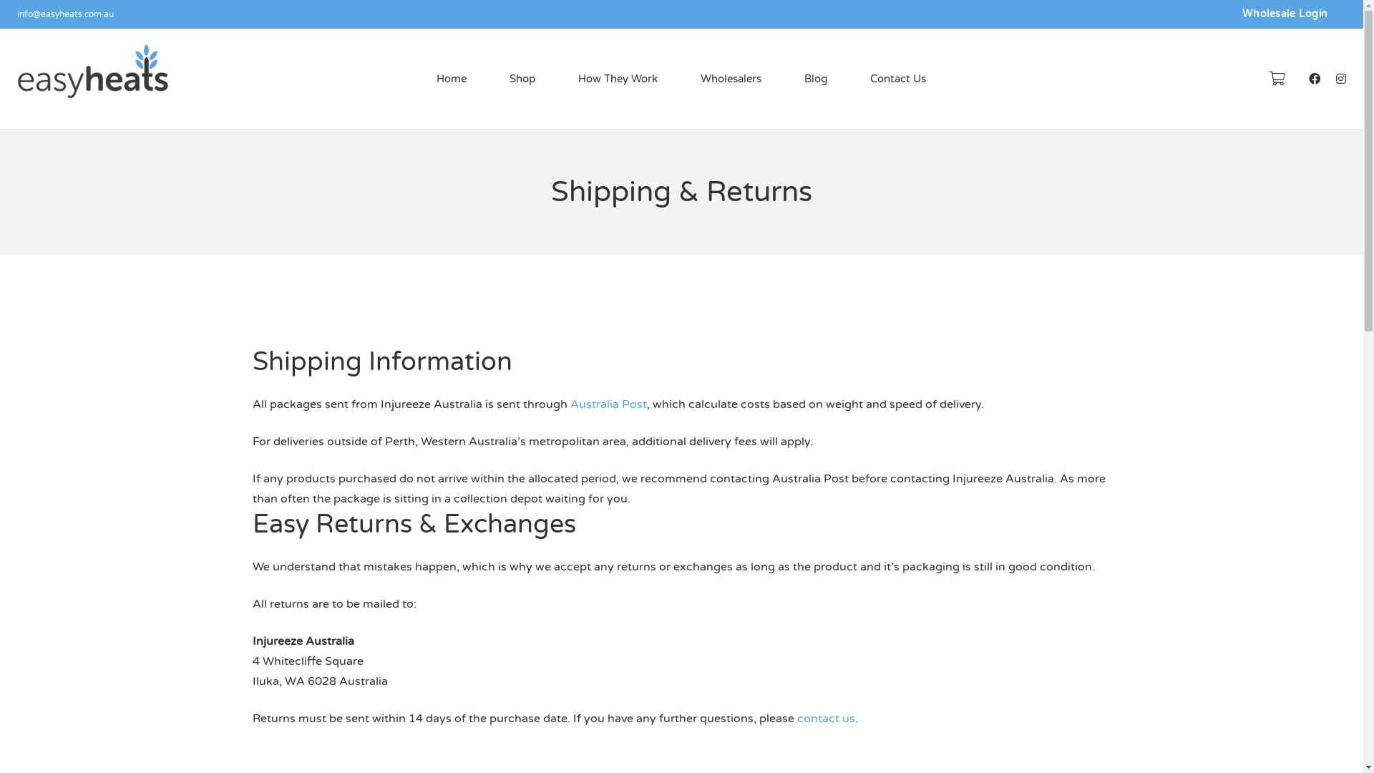 This screenshot has width=1374, height=773. What do you see at coordinates (1223, 14) in the screenshot?
I see `'Wholesale Login'` at bounding box center [1223, 14].